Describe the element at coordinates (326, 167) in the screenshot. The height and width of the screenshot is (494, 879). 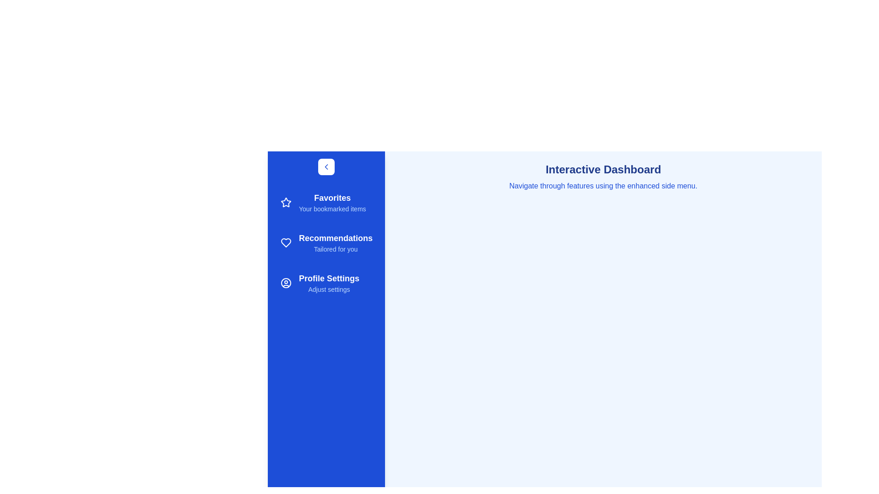
I see `toggle button to open or close the sidebar` at that location.